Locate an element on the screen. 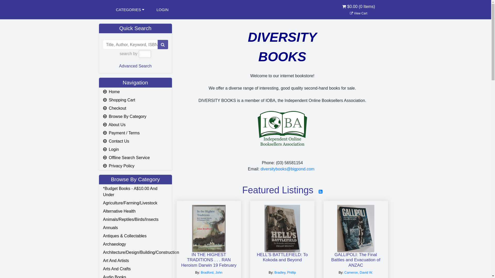 Image resolution: width=495 pixels, height=278 pixels. 'Animals/Reptiles/Birds/Insects' is located at coordinates (135, 219).